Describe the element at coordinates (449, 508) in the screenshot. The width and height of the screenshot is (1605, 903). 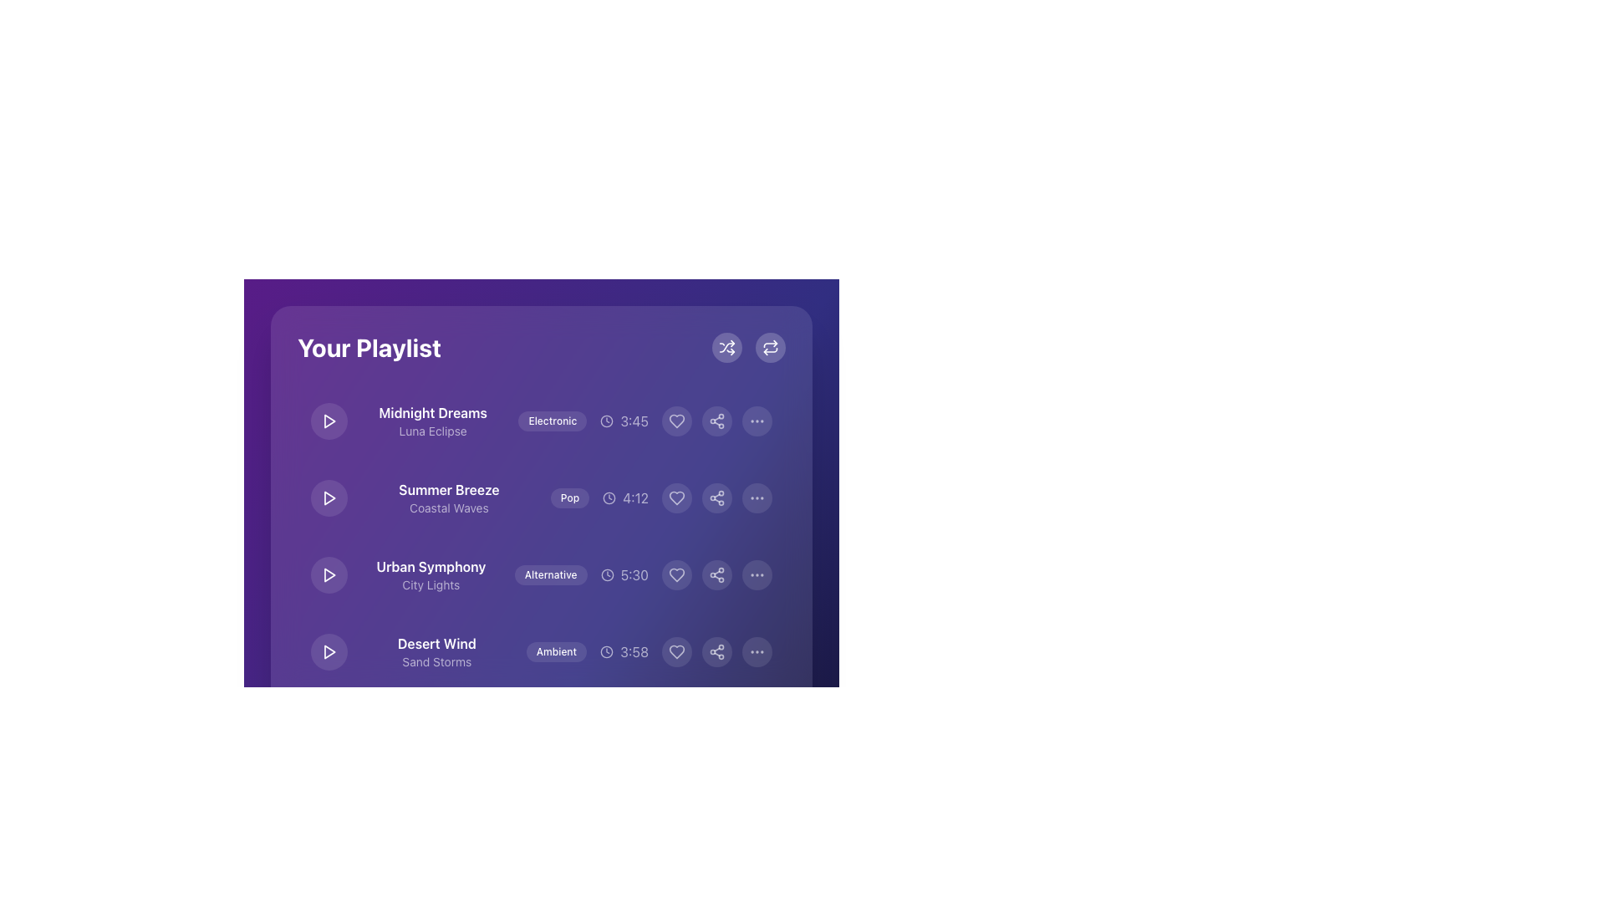
I see `the text label 'Coastal Waves', which is positioned directly below the 'Summer Breeze' label in a vertically stacked layout` at that location.